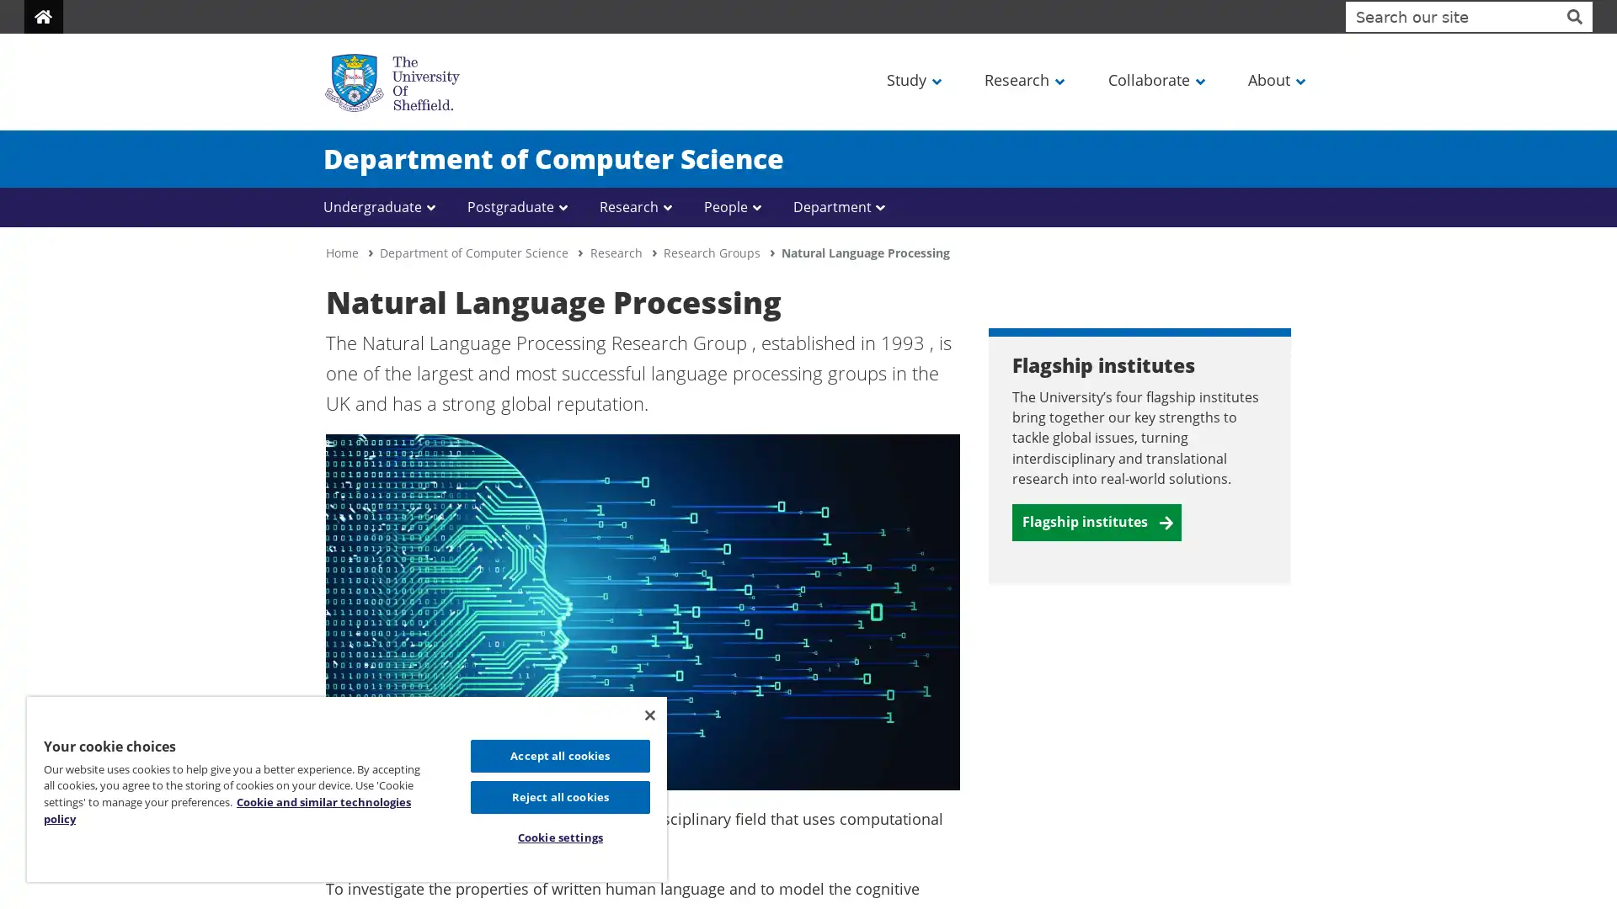  Describe the element at coordinates (841, 207) in the screenshot. I see `Department` at that location.